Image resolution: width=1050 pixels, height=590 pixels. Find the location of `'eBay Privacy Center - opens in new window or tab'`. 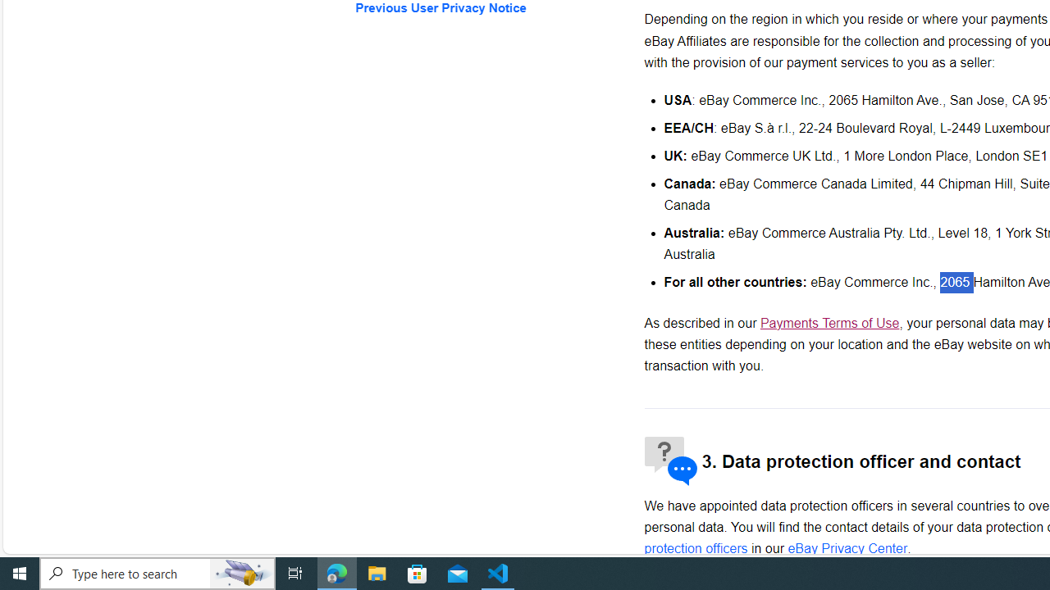

'eBay Privacy Center - opens in new window or tab' is located at coordinates (847, 548).